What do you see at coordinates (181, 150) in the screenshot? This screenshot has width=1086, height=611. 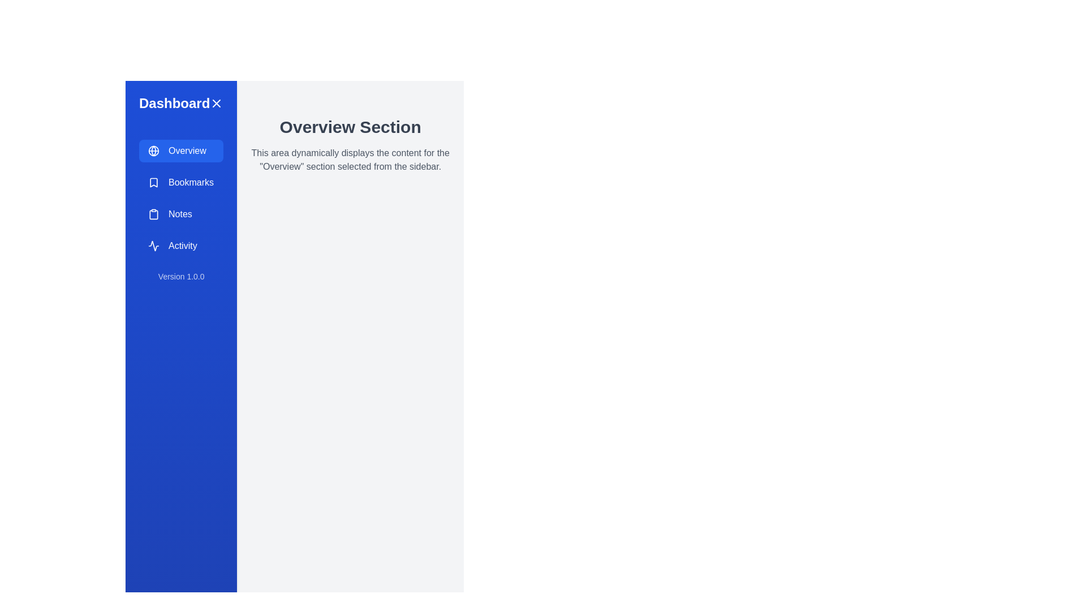 I see `the sidebar navigation option Overview` at bounding box center [181, 150].